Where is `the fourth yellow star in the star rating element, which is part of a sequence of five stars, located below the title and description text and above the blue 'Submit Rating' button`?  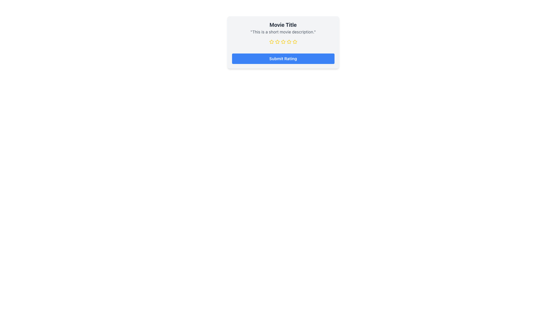 the fourth yellow star in the star rating element, which is part of a sequence of five stars, located below the title and description text and above the blue 'Submit Rating' button is located at coordinates (289, 41).